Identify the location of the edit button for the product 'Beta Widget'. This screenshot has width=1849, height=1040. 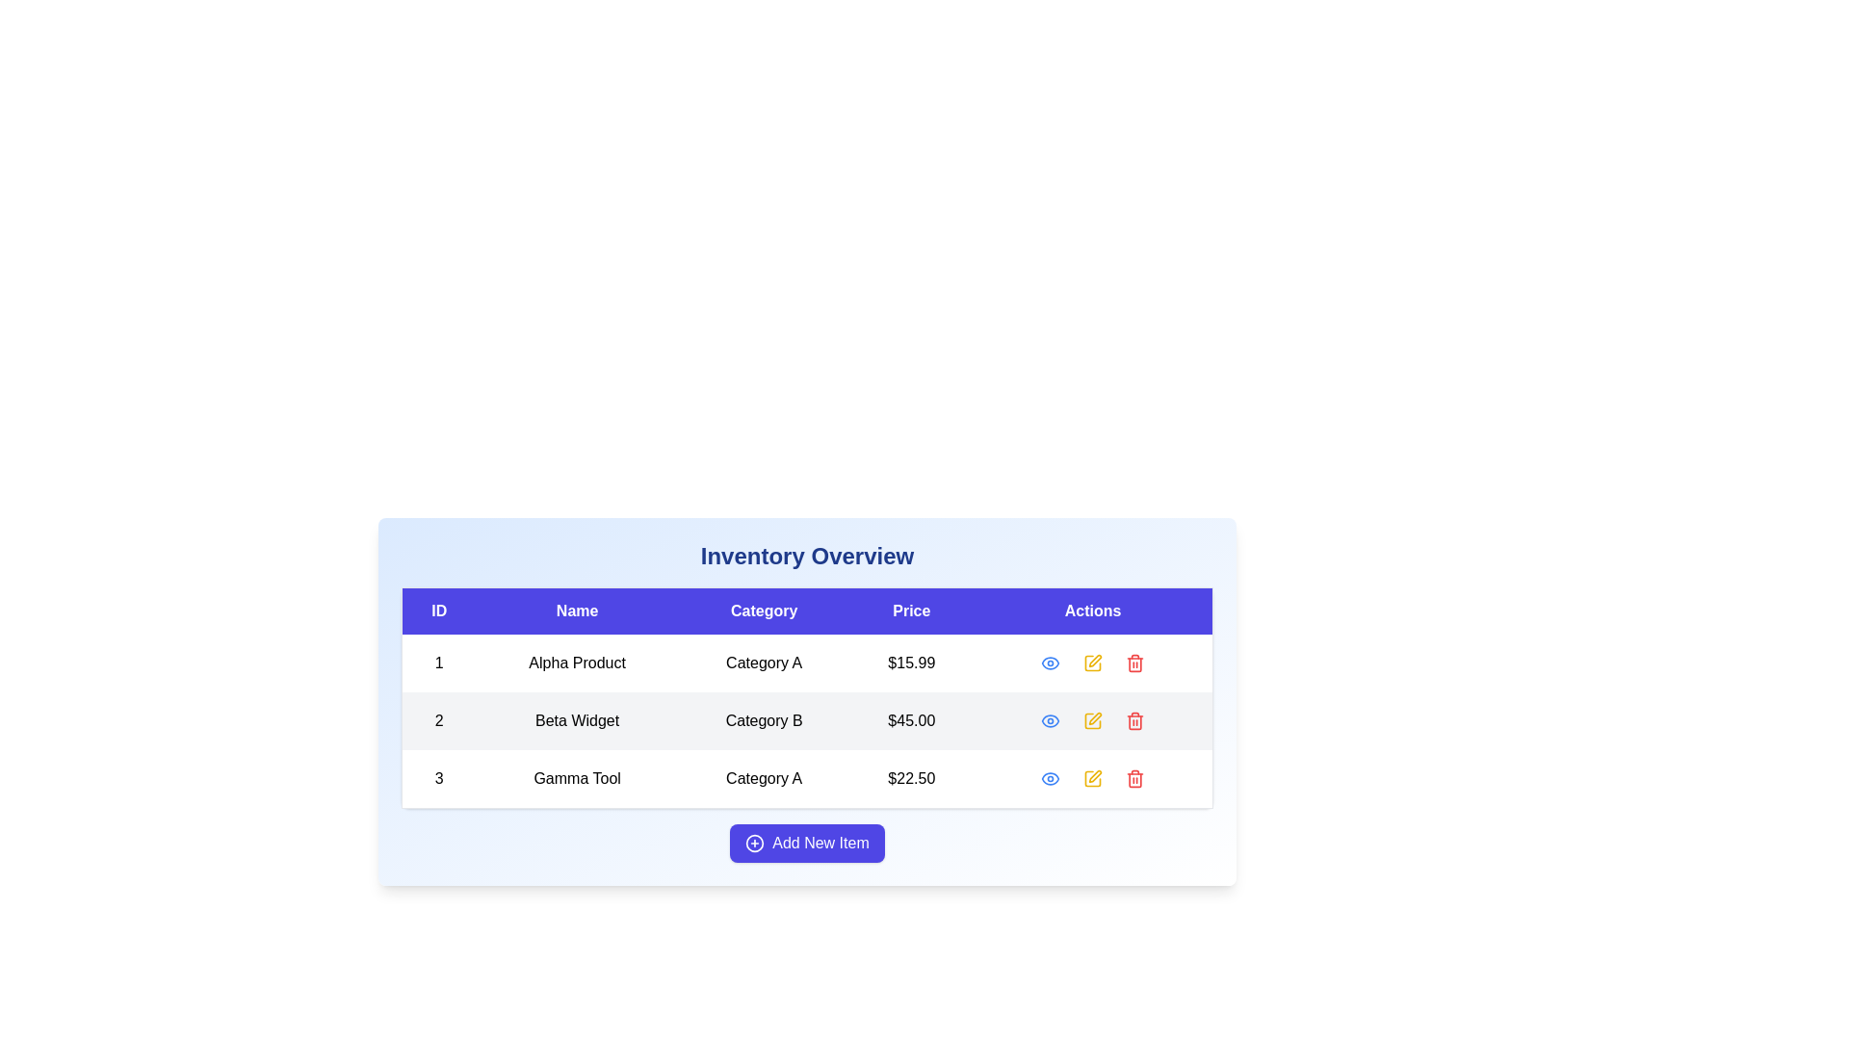
(1093, 720).